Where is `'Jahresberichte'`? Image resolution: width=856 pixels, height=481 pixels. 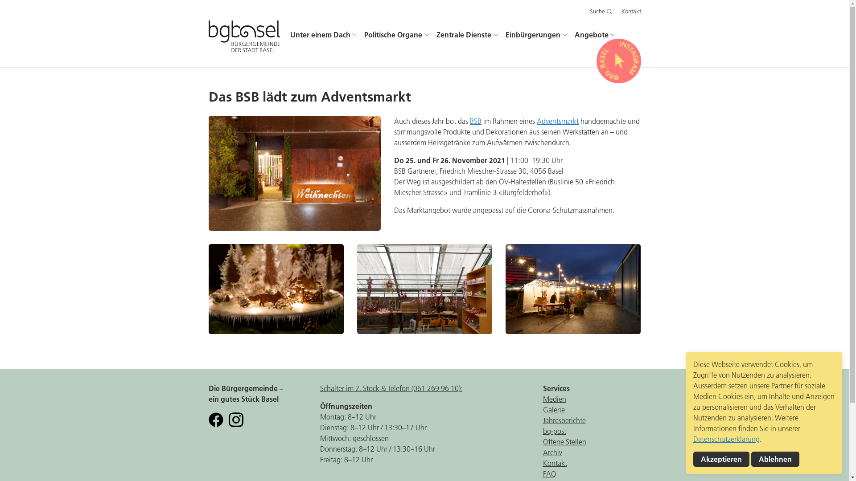 'Jahresberichte' is located at coordinates (564, 420).